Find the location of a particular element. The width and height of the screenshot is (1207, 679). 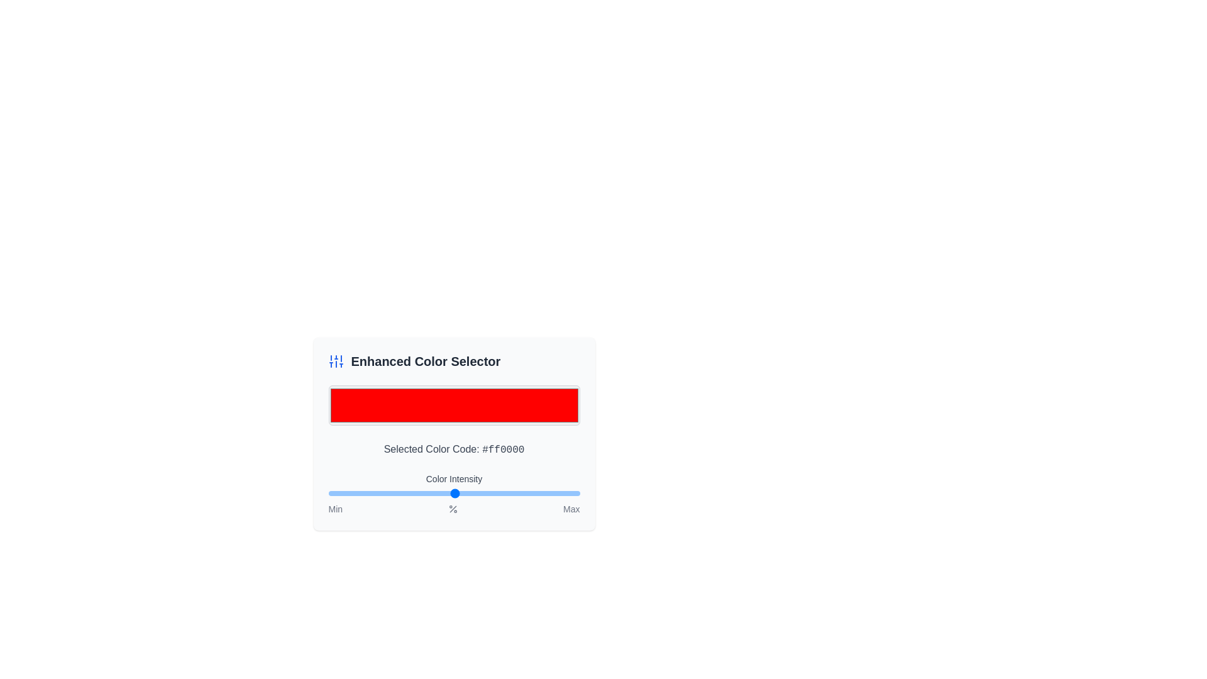

the vibrant red rectangular color display field located below the 'Enhanced Color Selector' label is located at coordinates (453, 406).